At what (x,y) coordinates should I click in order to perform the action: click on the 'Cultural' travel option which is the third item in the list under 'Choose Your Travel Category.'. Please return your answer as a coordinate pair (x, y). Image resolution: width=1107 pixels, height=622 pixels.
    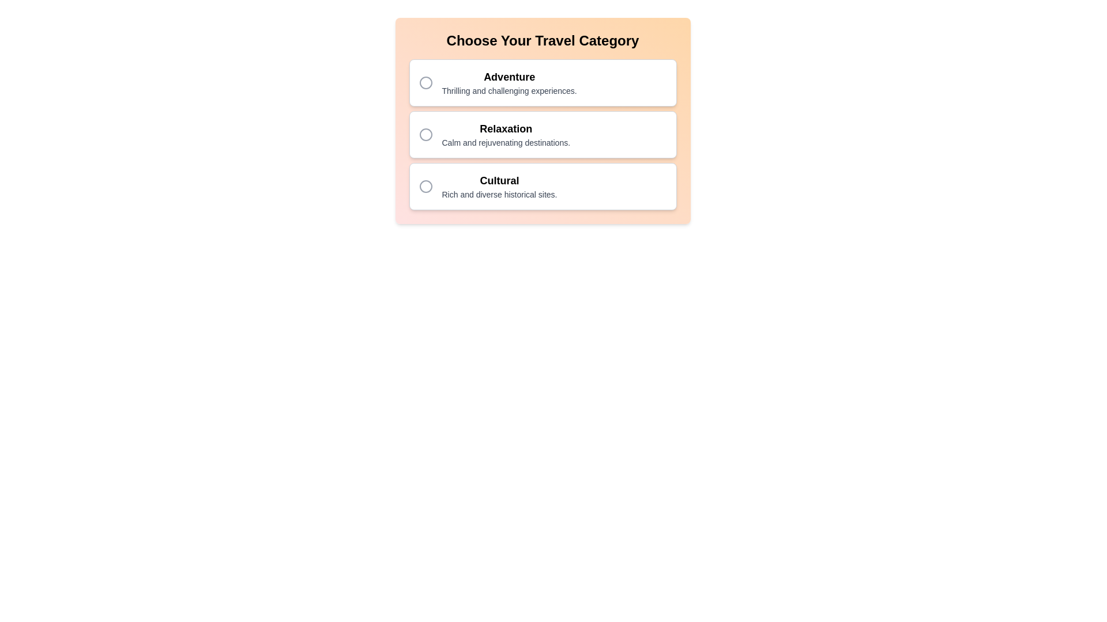
    Looking at the image, I should click on (499, 186).